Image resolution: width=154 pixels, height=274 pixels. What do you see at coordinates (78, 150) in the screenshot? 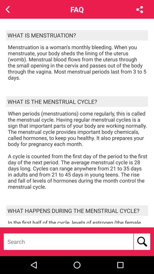
I see `the app above the what happens during icon` at bounding box center [78, 150].